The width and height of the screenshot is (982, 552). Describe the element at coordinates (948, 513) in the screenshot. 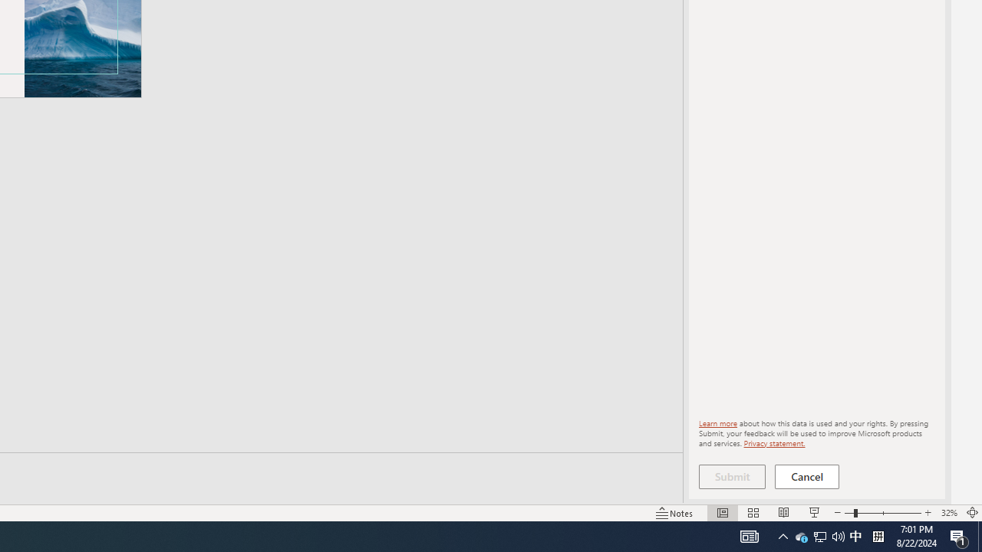

I see `'Zoom 32%'` at that location.